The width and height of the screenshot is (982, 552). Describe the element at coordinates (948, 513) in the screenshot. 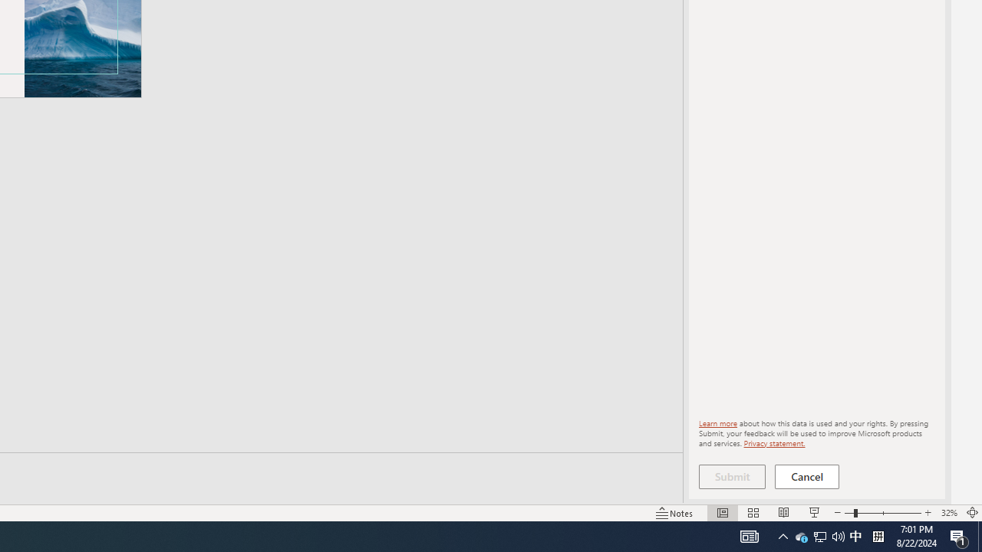

I see `'Zoom 32%'` at that location.